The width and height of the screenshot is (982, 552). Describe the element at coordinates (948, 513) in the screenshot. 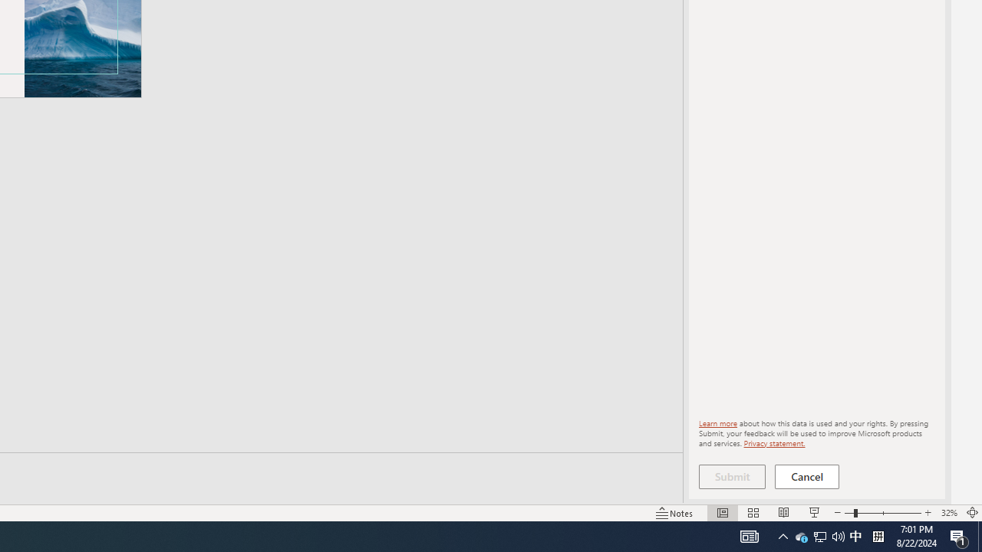

I see `'Zoom 32%'` at that location.